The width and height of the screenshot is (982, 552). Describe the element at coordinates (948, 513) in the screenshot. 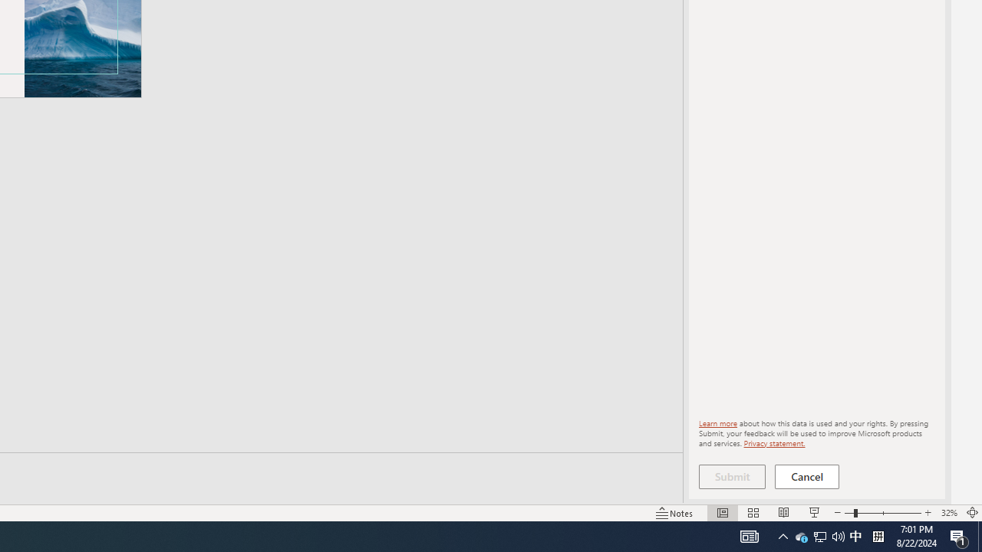

I see `'Zoom 32%'` at that location.